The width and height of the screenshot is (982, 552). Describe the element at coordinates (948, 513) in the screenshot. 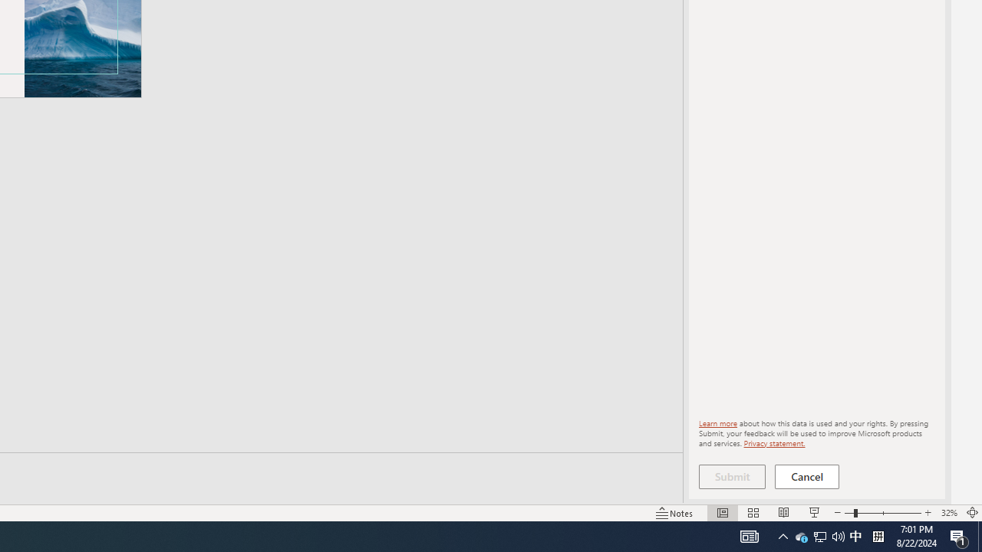

I see `'Zoom 32%'` at that location.